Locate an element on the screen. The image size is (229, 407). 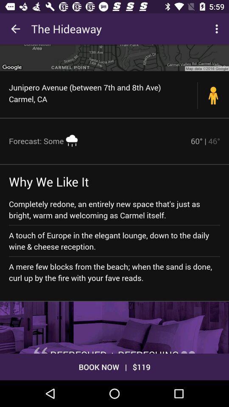
the icon above book now   |   $119 icon is located at coordinates (114, 327).